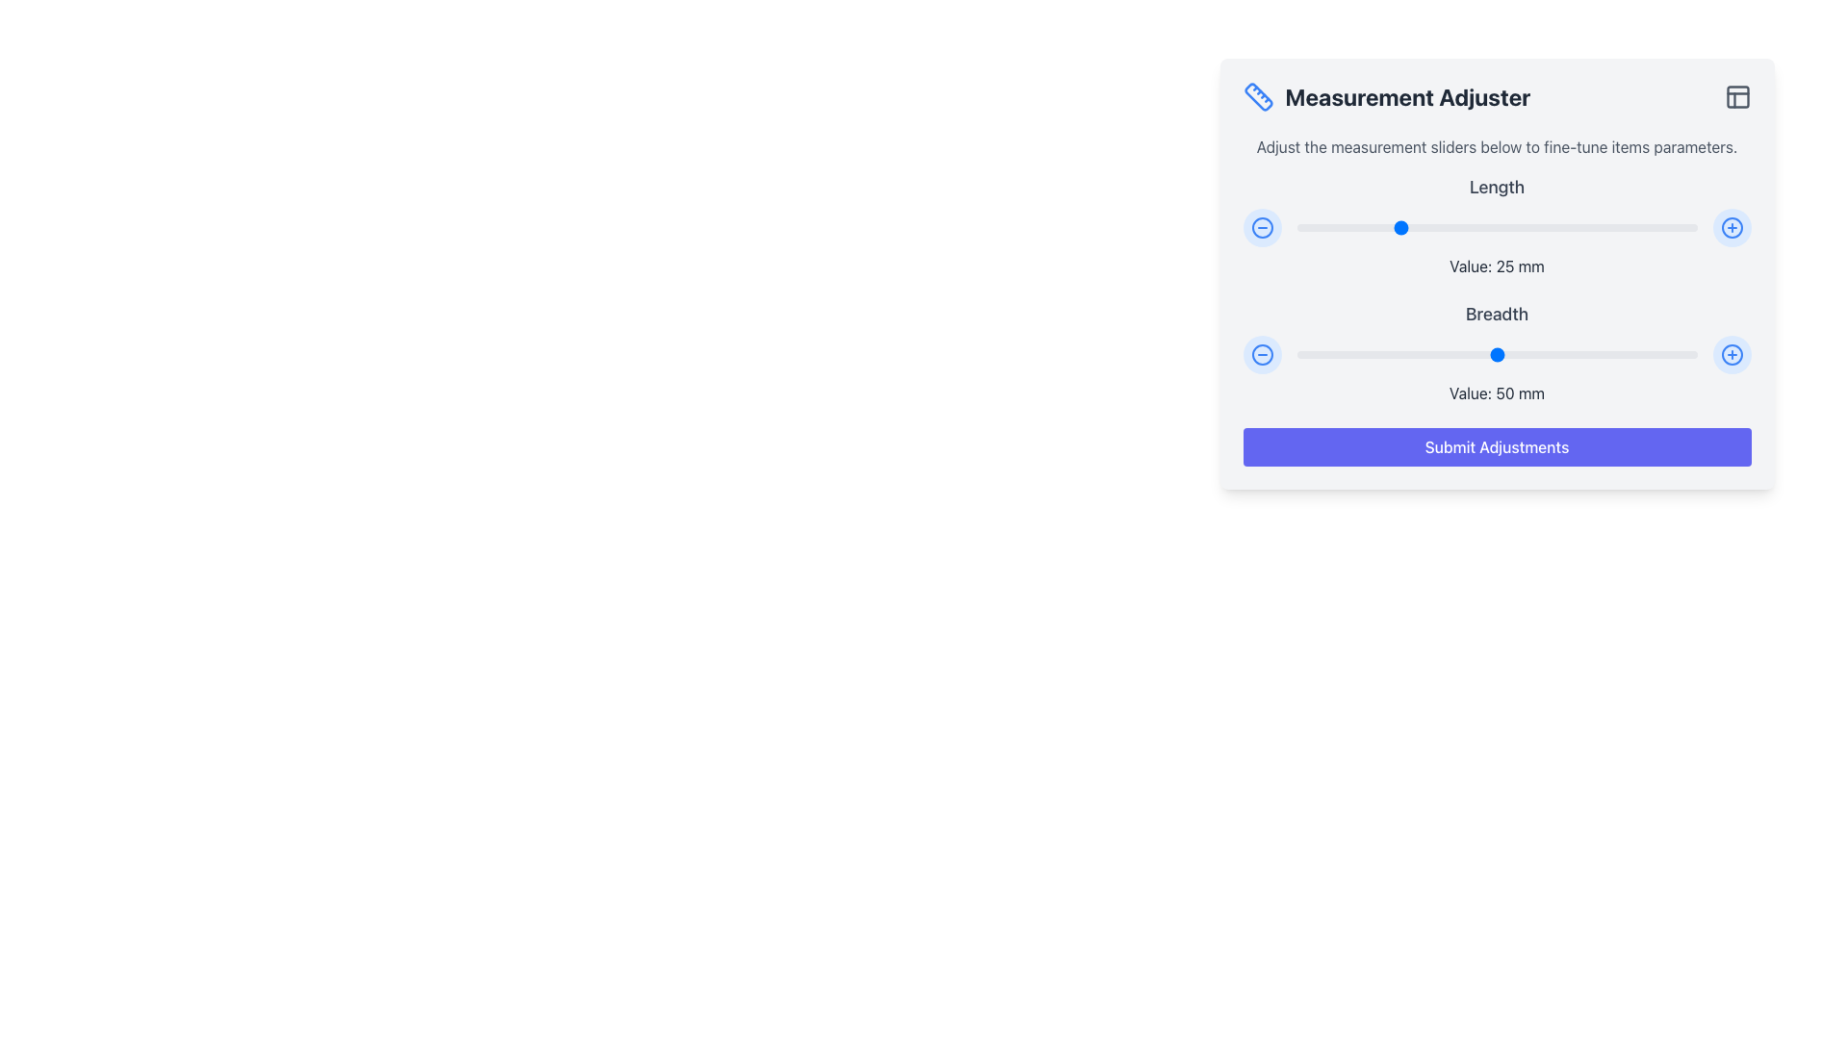  Describe the element at coordinates (1565, 226) in the screenshot. I see `the length` at that location.